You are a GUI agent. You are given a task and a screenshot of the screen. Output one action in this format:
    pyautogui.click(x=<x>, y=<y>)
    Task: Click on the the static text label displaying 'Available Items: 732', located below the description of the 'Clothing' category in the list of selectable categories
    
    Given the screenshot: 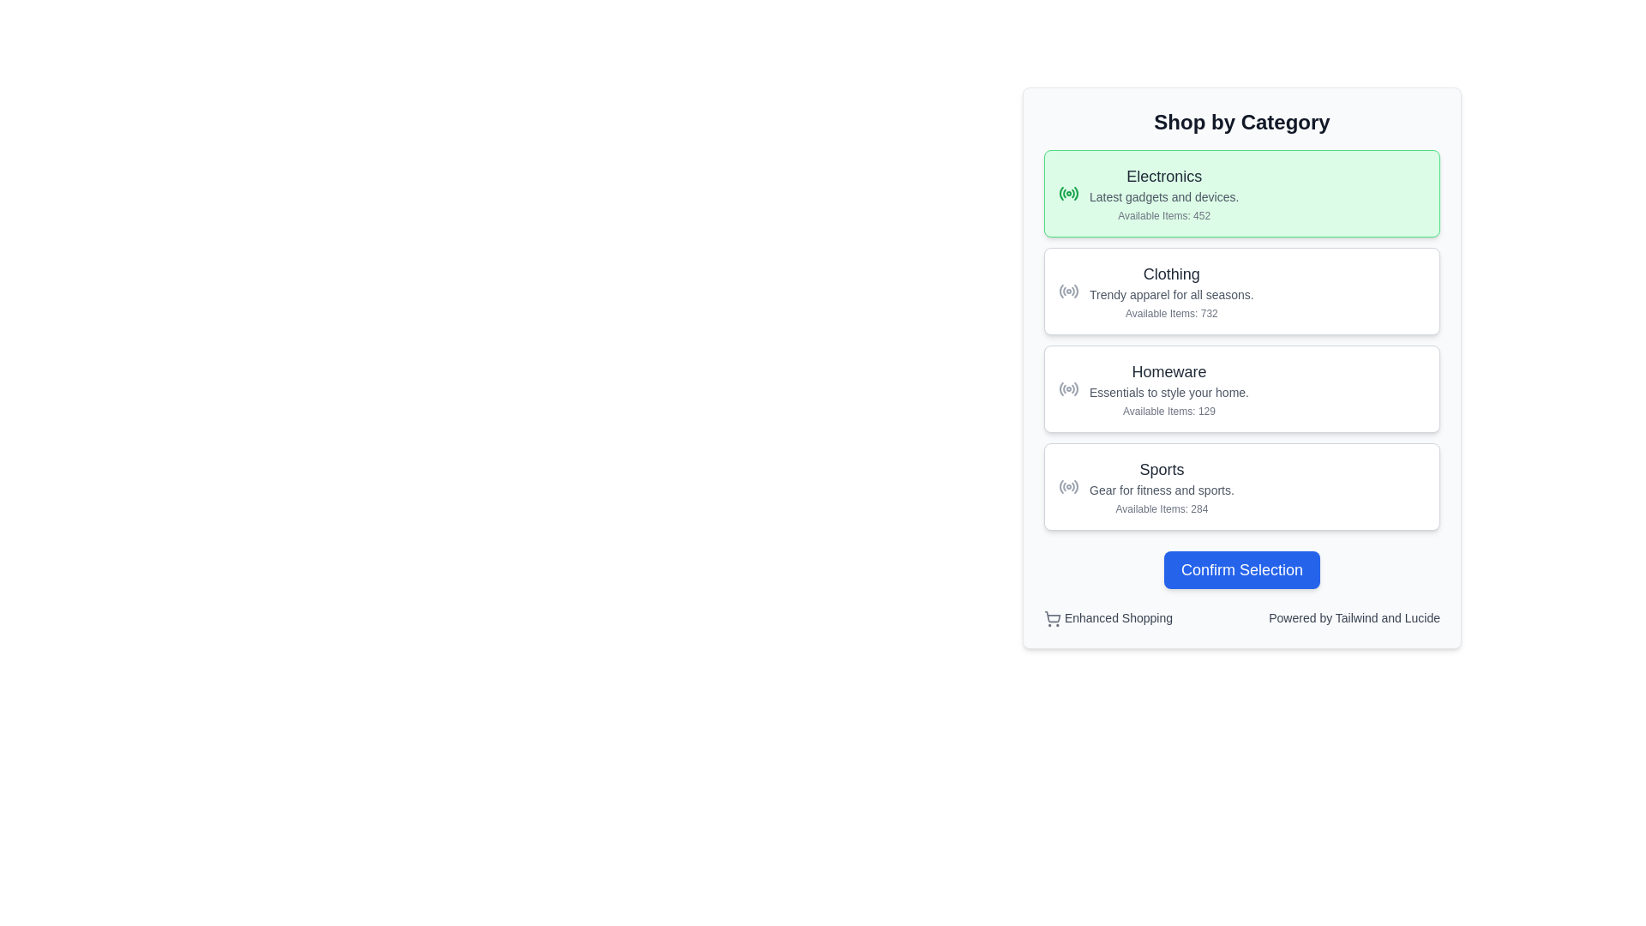 What is the action you would take?
    pyautogui.click(x=1170, y=314)
    